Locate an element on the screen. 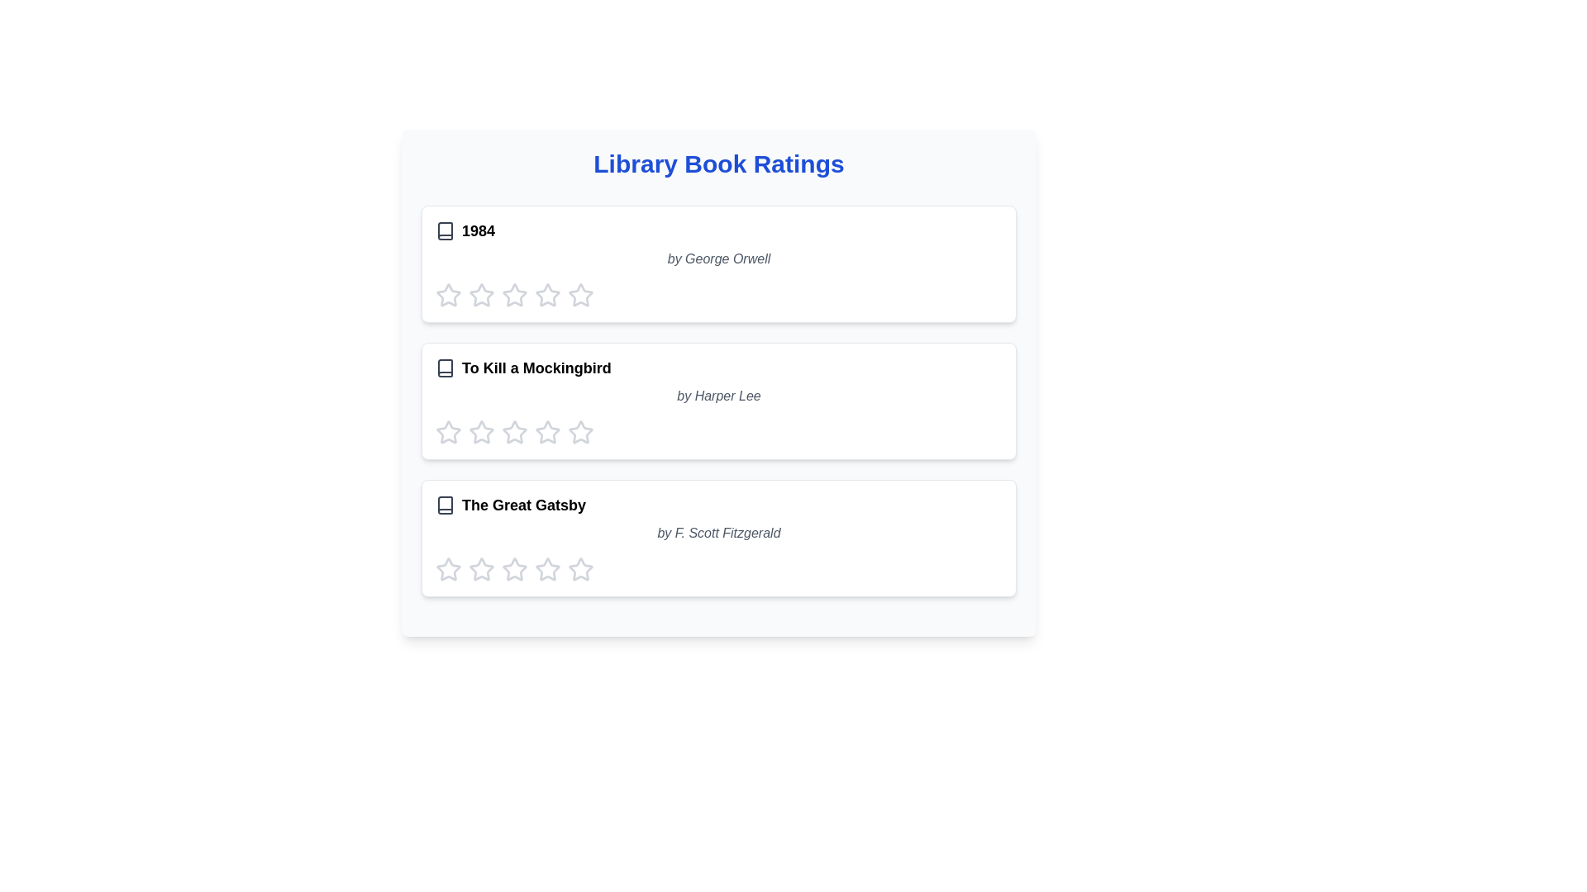  the first rating star icon for the book 'The Great Gatsby' is located at coordinates (514, 568).